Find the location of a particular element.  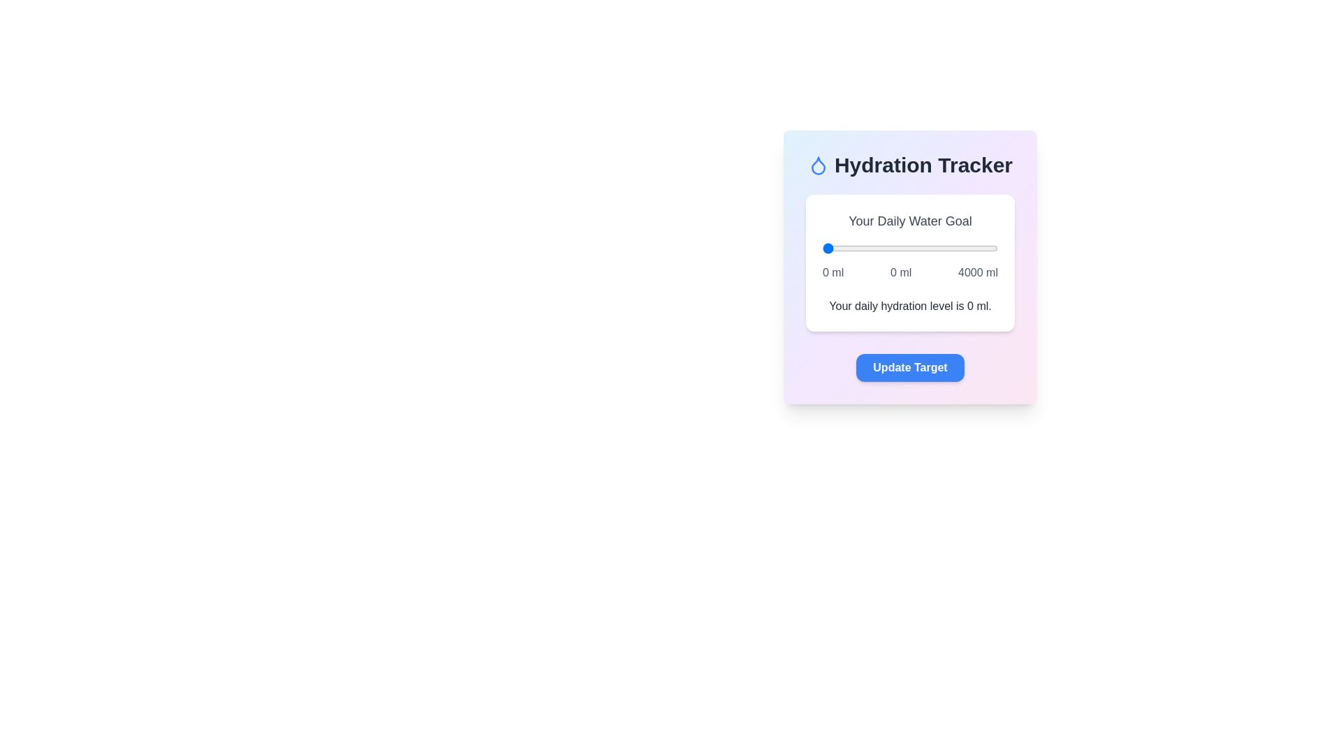

the water intake slider to 1646 ml is located at coordinates (895, 247).